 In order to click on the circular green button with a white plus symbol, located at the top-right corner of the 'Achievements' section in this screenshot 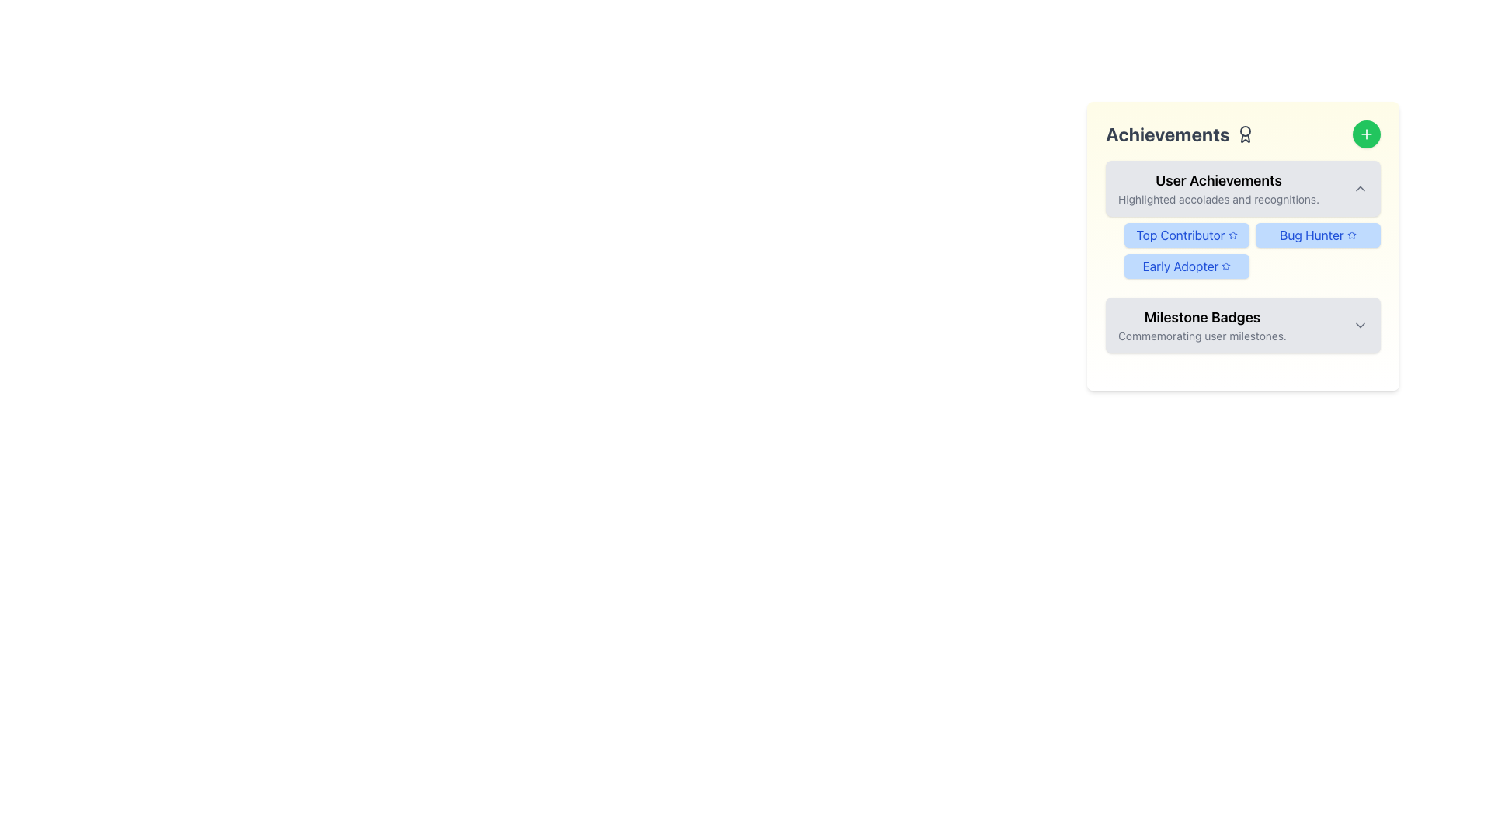, I will do `click(1367, 134)`.